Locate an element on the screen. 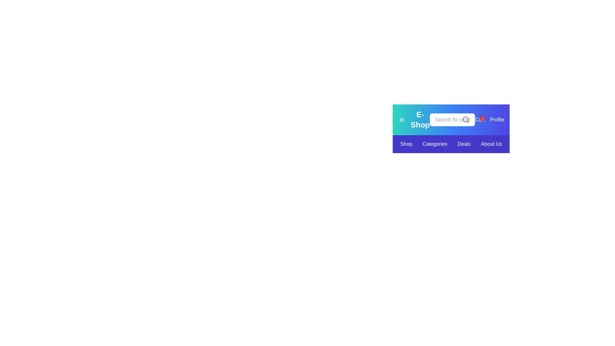 The width and height of the screenshot is (615, 346). an element within the Navigation bar located at the top-right section of the interface, which has a gradient background transitioning from teal is located at coordinates (451, 120).